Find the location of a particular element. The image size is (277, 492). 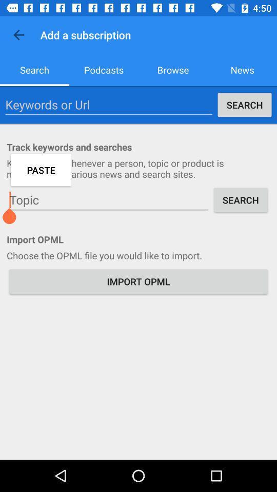

the icon to the right of the search icon is located at coordinates (104, 69).